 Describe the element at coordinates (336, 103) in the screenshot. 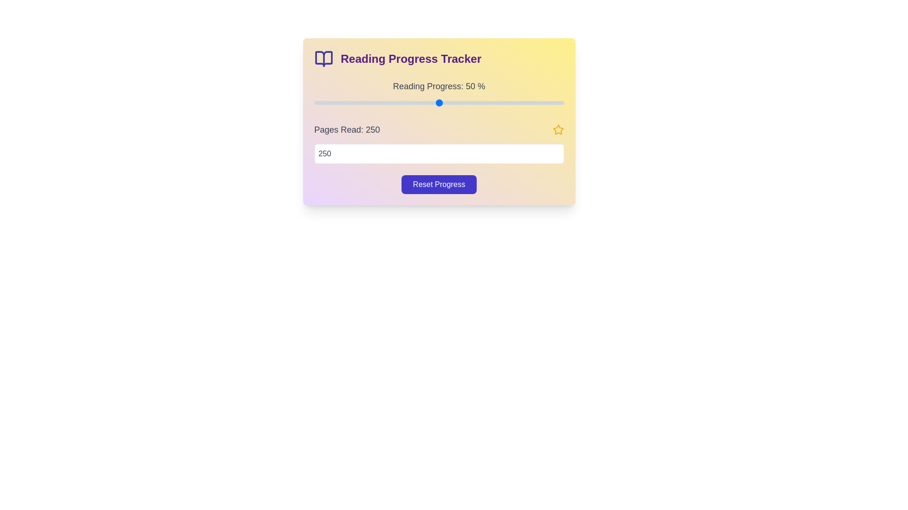

I see `the reading progress to 9% by adjusting the slider` at that location.